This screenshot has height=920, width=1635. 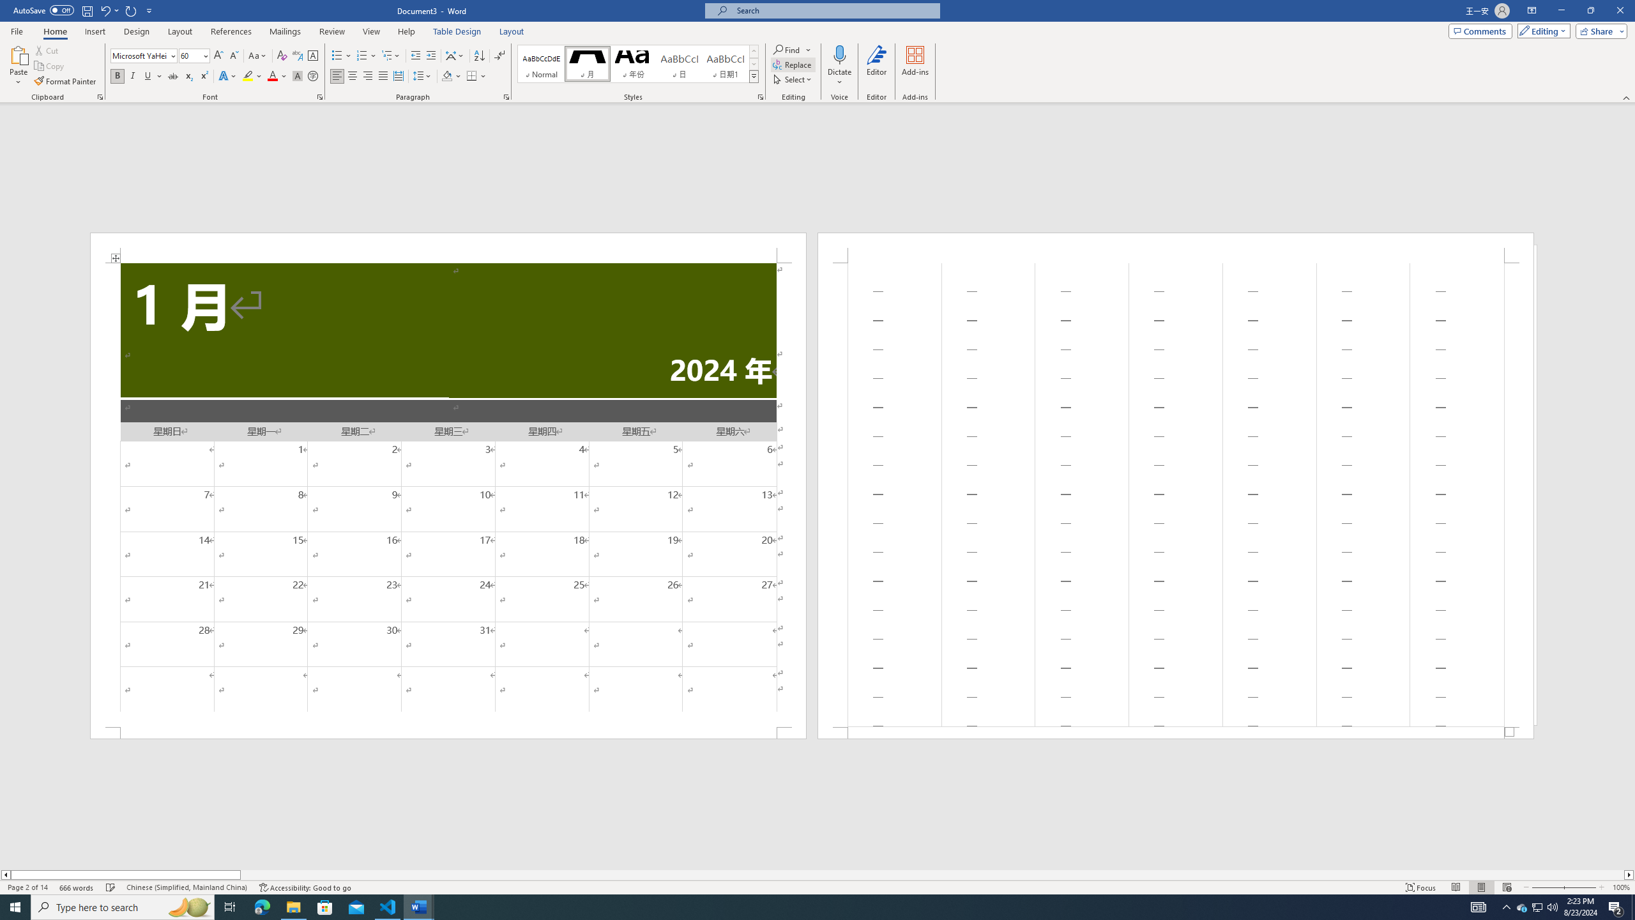 I want to click on 'Enclose Characters...', so click(x=312, y=75).